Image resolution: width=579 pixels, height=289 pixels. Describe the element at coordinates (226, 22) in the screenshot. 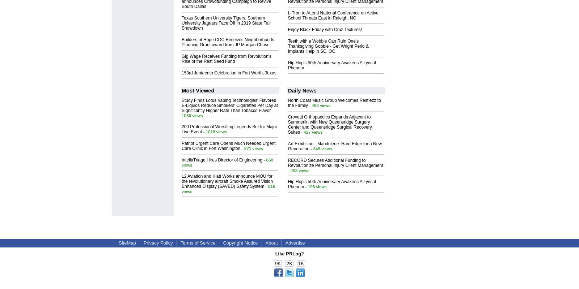

I see `'Texas Southern University Tigers, Southern University Jaguars Face Off In 2019 State Fair Showdown'` at that location.